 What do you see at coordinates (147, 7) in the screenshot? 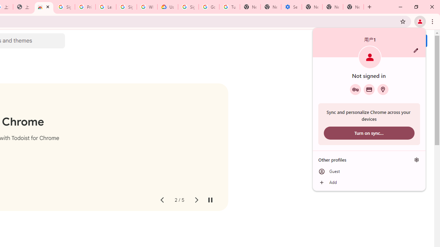
I see `'Who are Google'` at bounding box center [147, 7].